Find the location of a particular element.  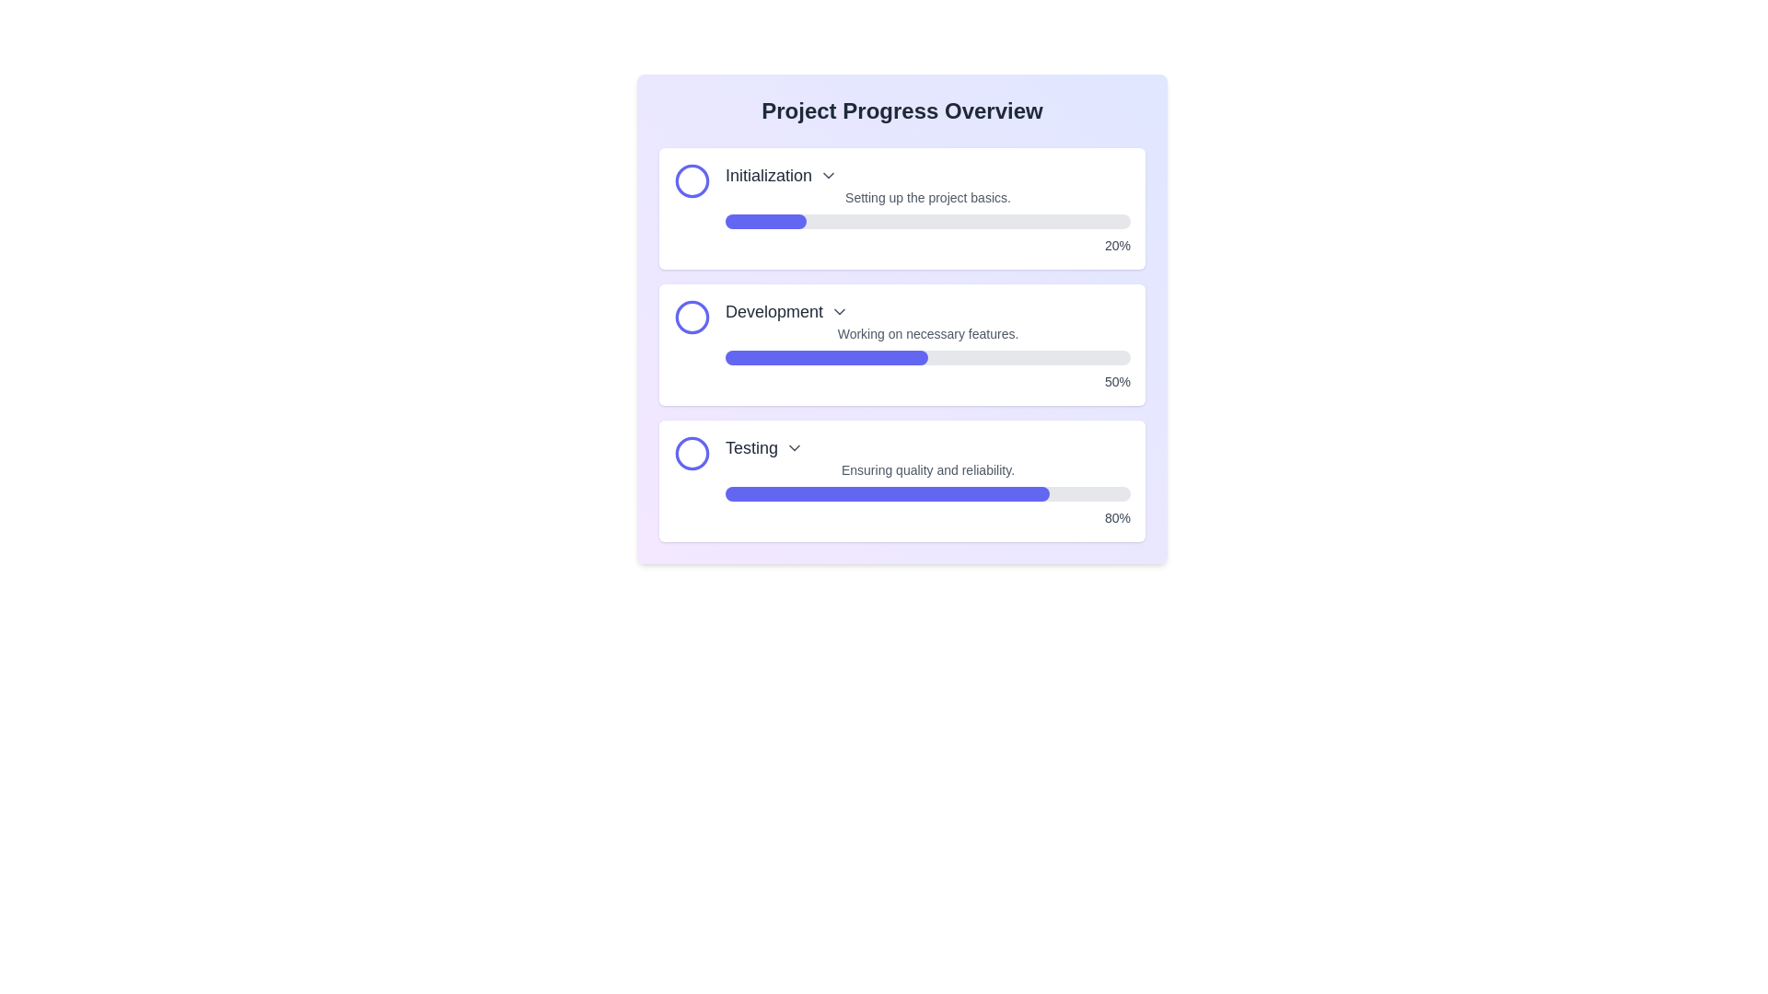

the Circular progress indicator icon located next to the 'Development' text in the progress section, which is characterized by its blue stroke and circular border is located at coordinates (692, 316).